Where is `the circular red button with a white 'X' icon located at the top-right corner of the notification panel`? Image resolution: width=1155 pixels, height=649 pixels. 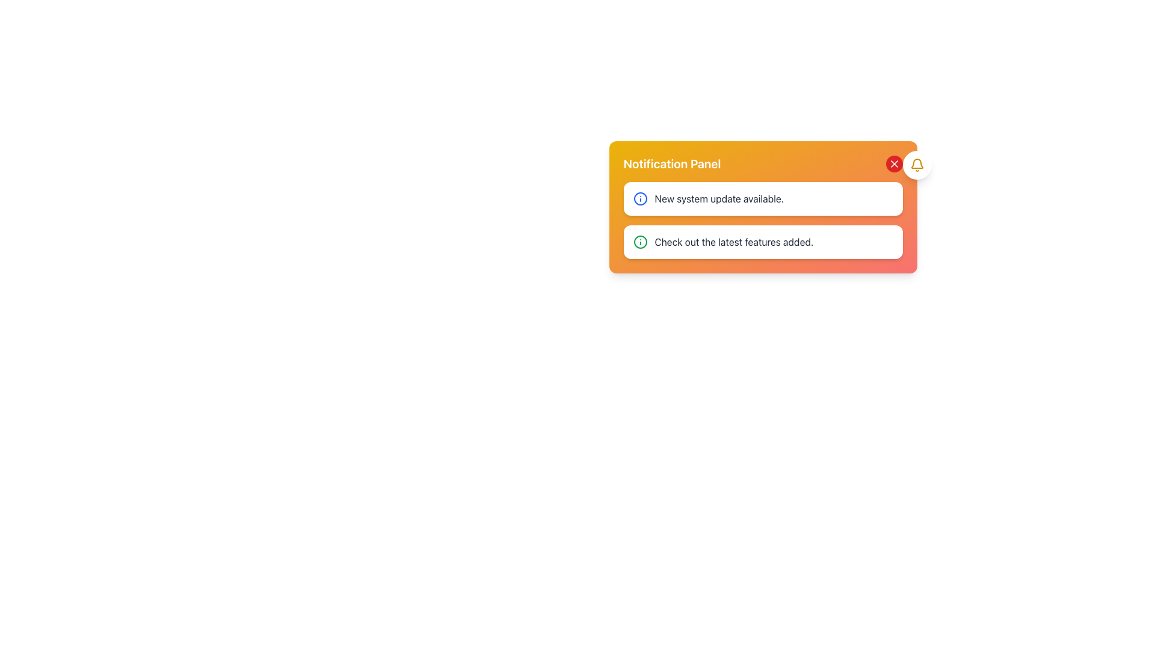 the circular red button with a white 'X' icon located at the top-right corner of the notification panel is located at coordinates (894, 164).